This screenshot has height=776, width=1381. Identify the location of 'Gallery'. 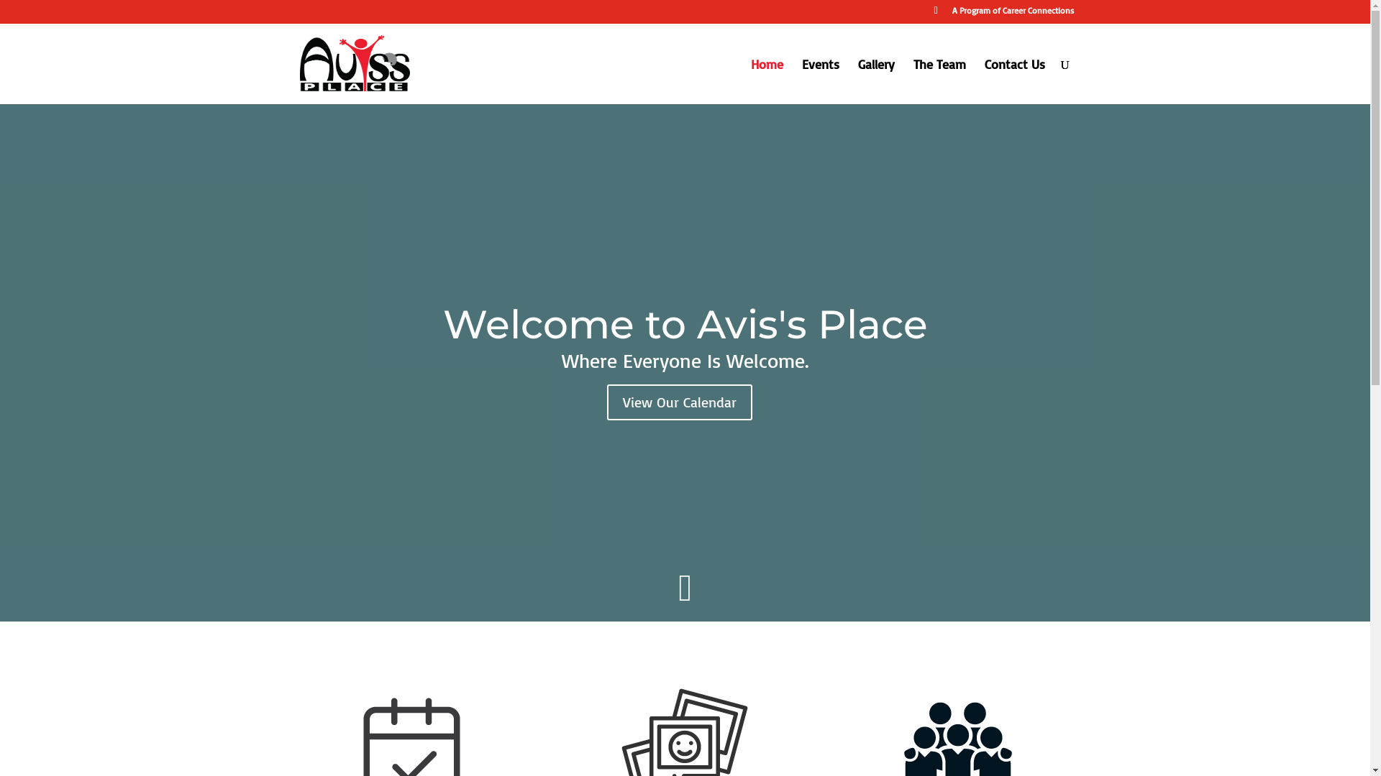
(875, 81).